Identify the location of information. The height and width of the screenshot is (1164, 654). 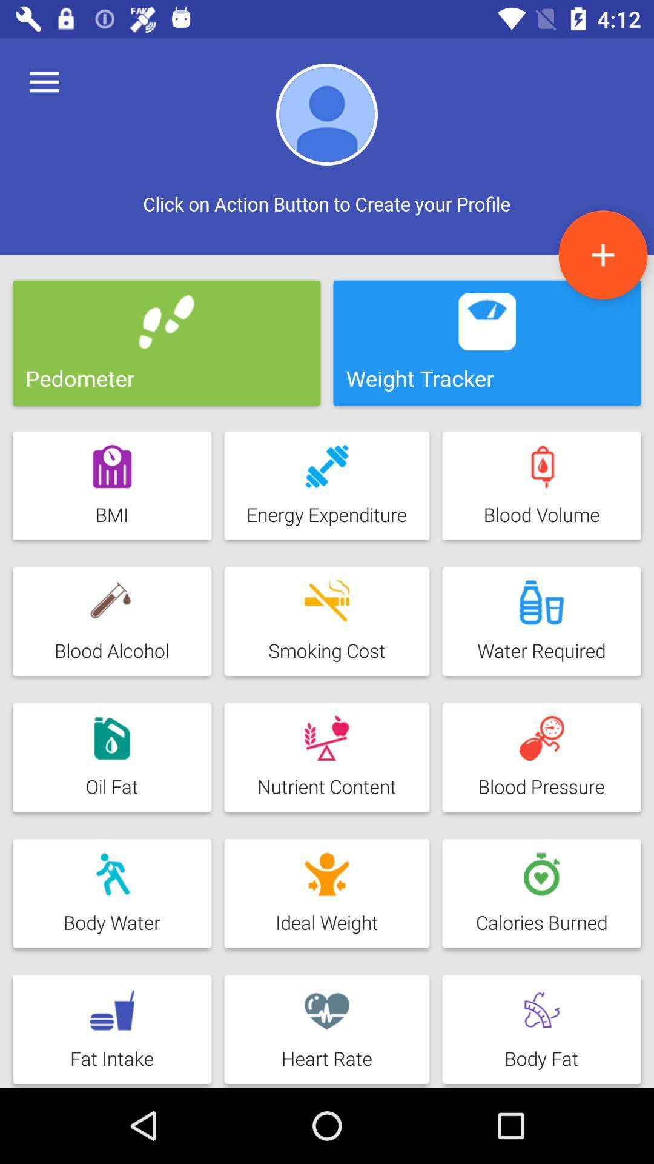
(603, 254).